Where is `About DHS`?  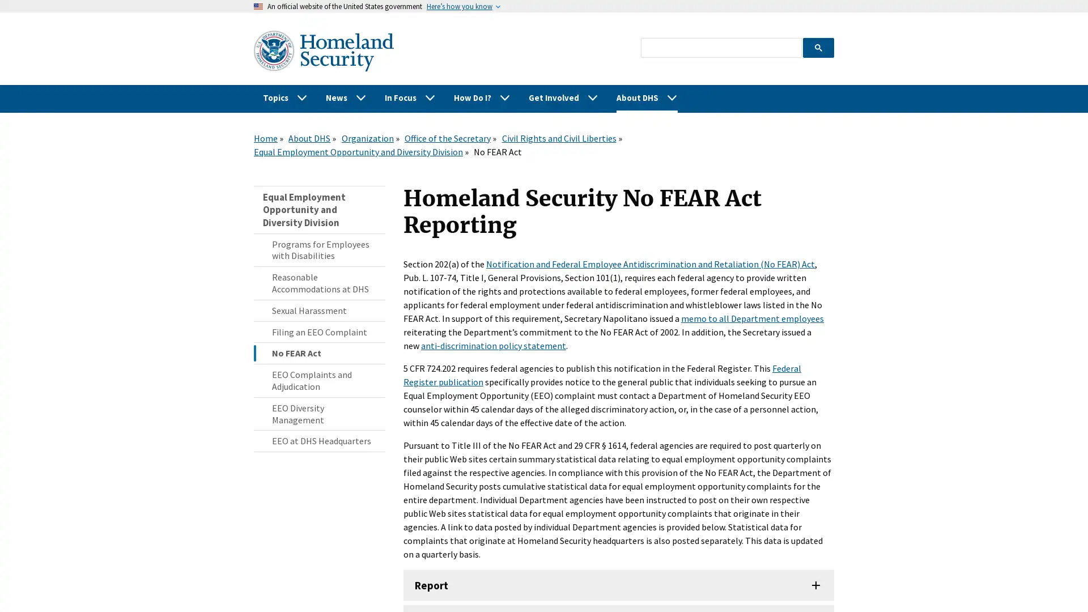 About DHS is located at coordinates (647, 97).